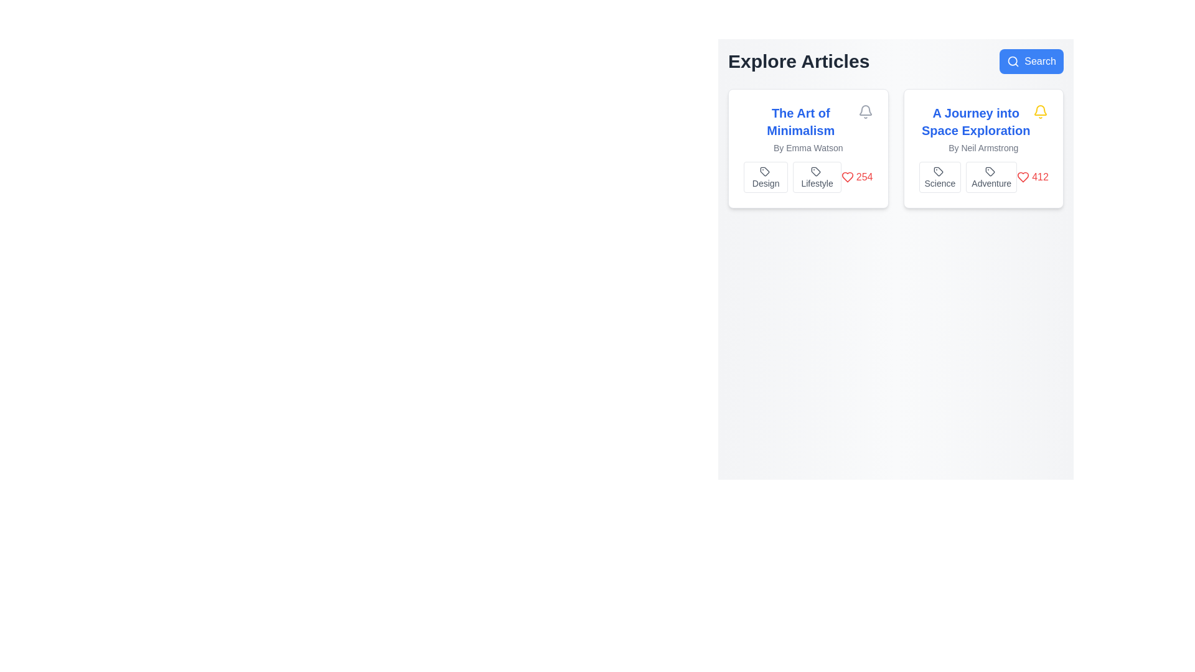 This screenshot has height=672, width=1195. I want to click on Category and rating display located beneath the phrase 'By Neil Armstrong', which is the last row in the second tile from the left on the page, so click(983, 177).